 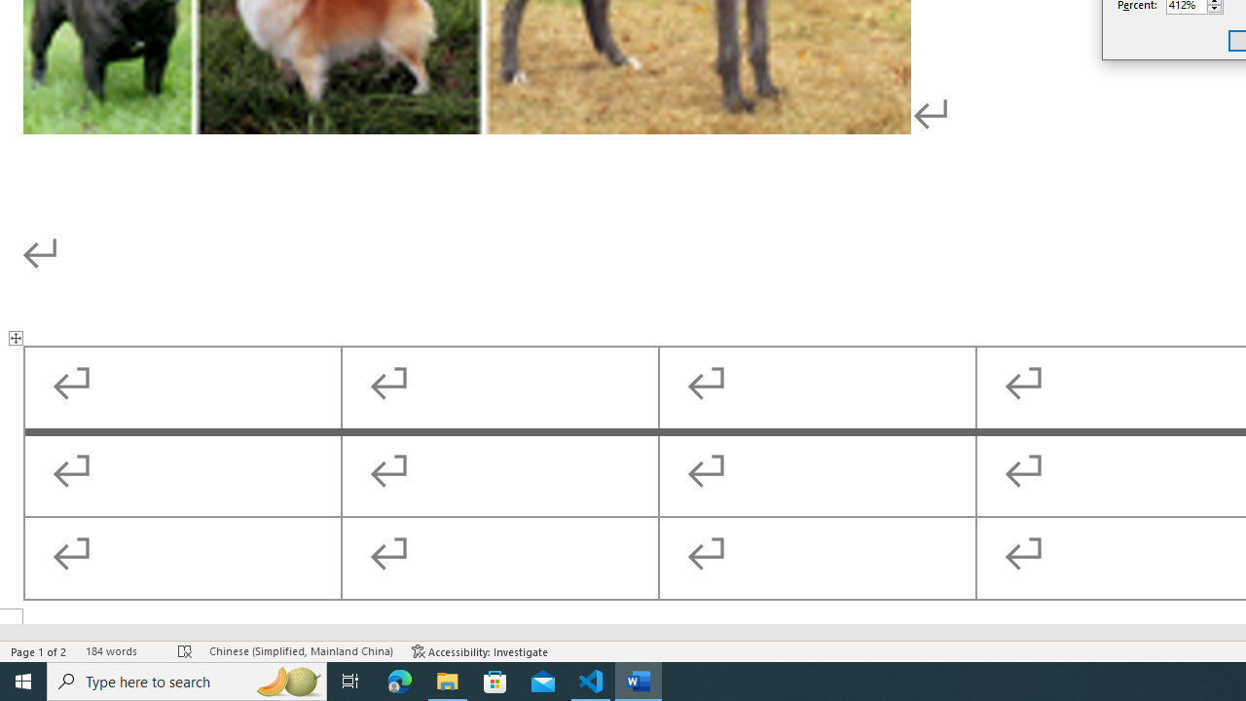 I want to click on 'Word Count 184 words', so click(x=121, y=651).